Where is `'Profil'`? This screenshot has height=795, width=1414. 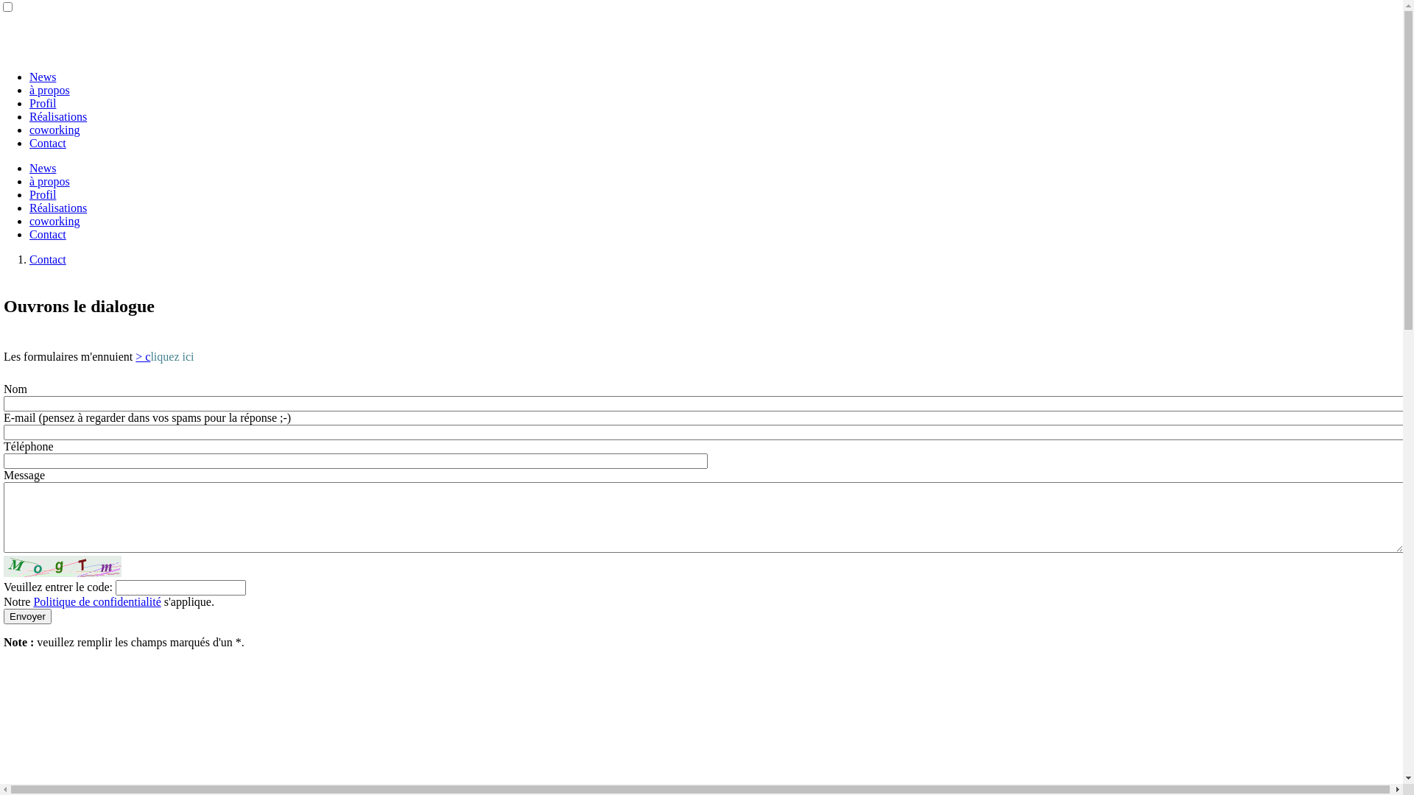 'Profil' is located at coordinates (42, 194).